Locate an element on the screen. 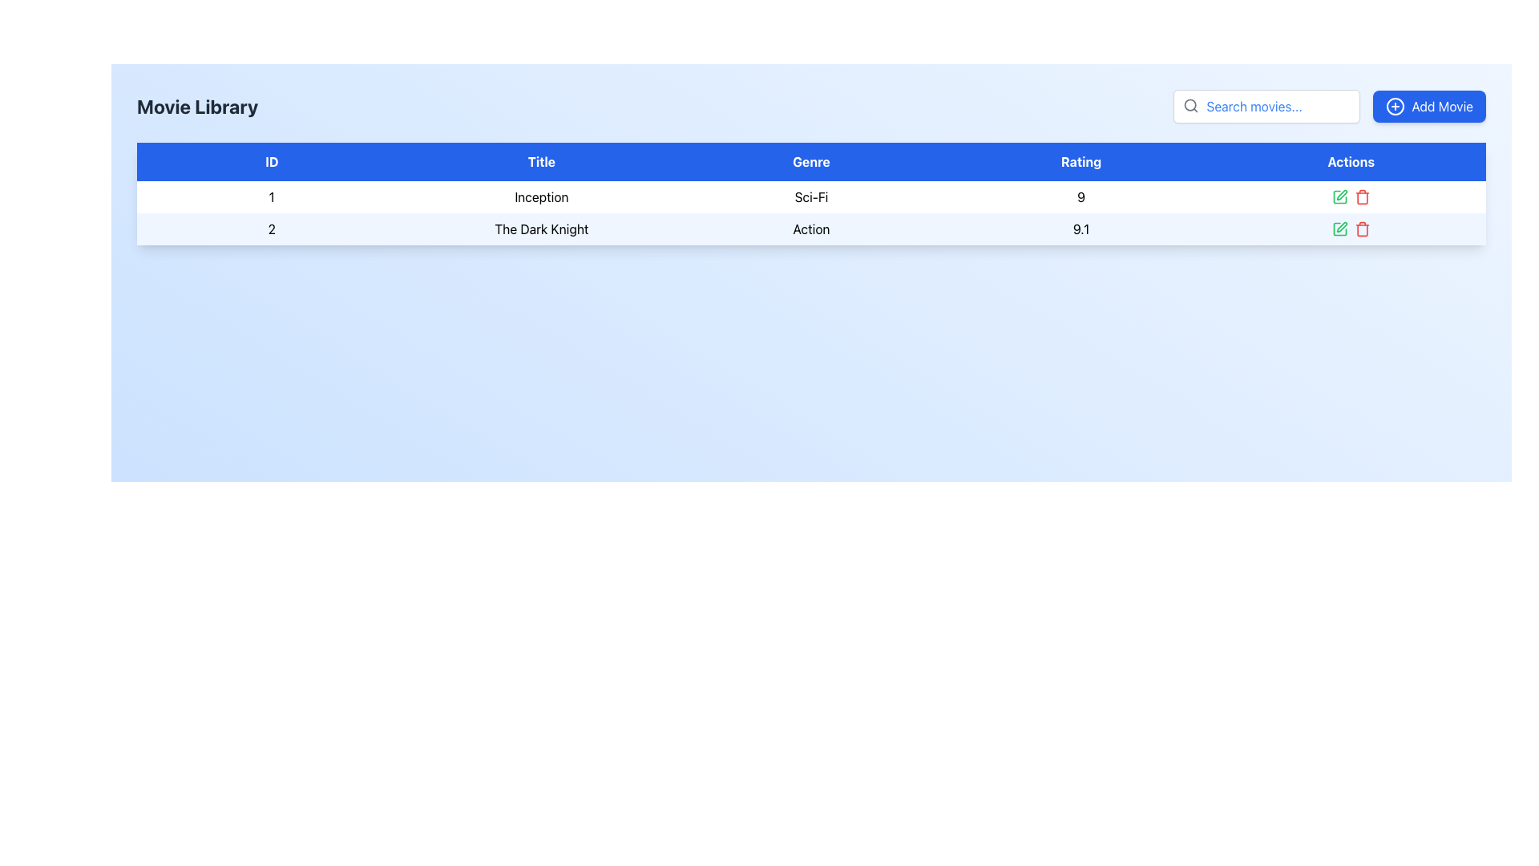 The image size is (1539, 866). the search icon located to the left of the 'Search movies...' text field in the top-right corner of the interface is located at coordinates (1191, 105).